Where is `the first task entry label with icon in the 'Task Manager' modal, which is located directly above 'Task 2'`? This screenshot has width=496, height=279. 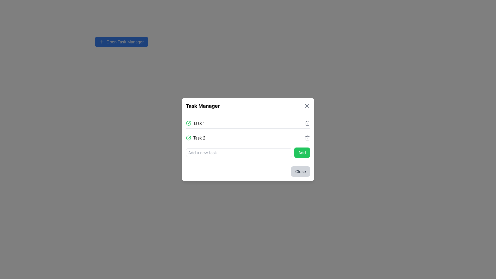 the first task entry label with icon in the 'Task Manager' modal, which is located directly above 'Task 2' is located at coordinates (195, 123).